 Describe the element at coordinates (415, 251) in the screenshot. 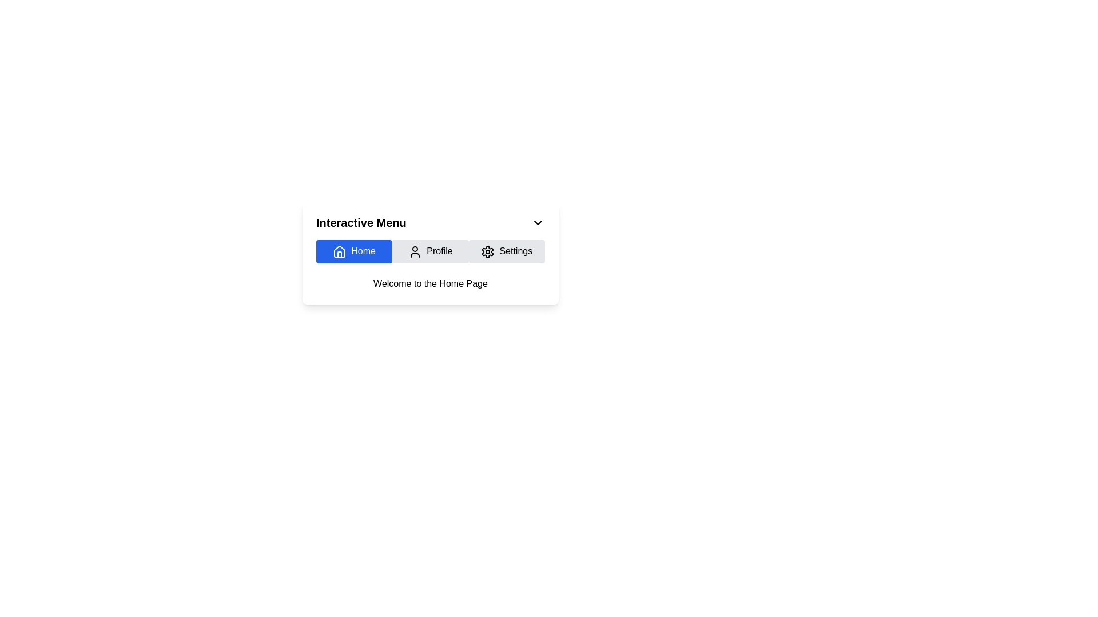

I see `the 'Profile' button, which is the second button in the horizontal menu` at that location.